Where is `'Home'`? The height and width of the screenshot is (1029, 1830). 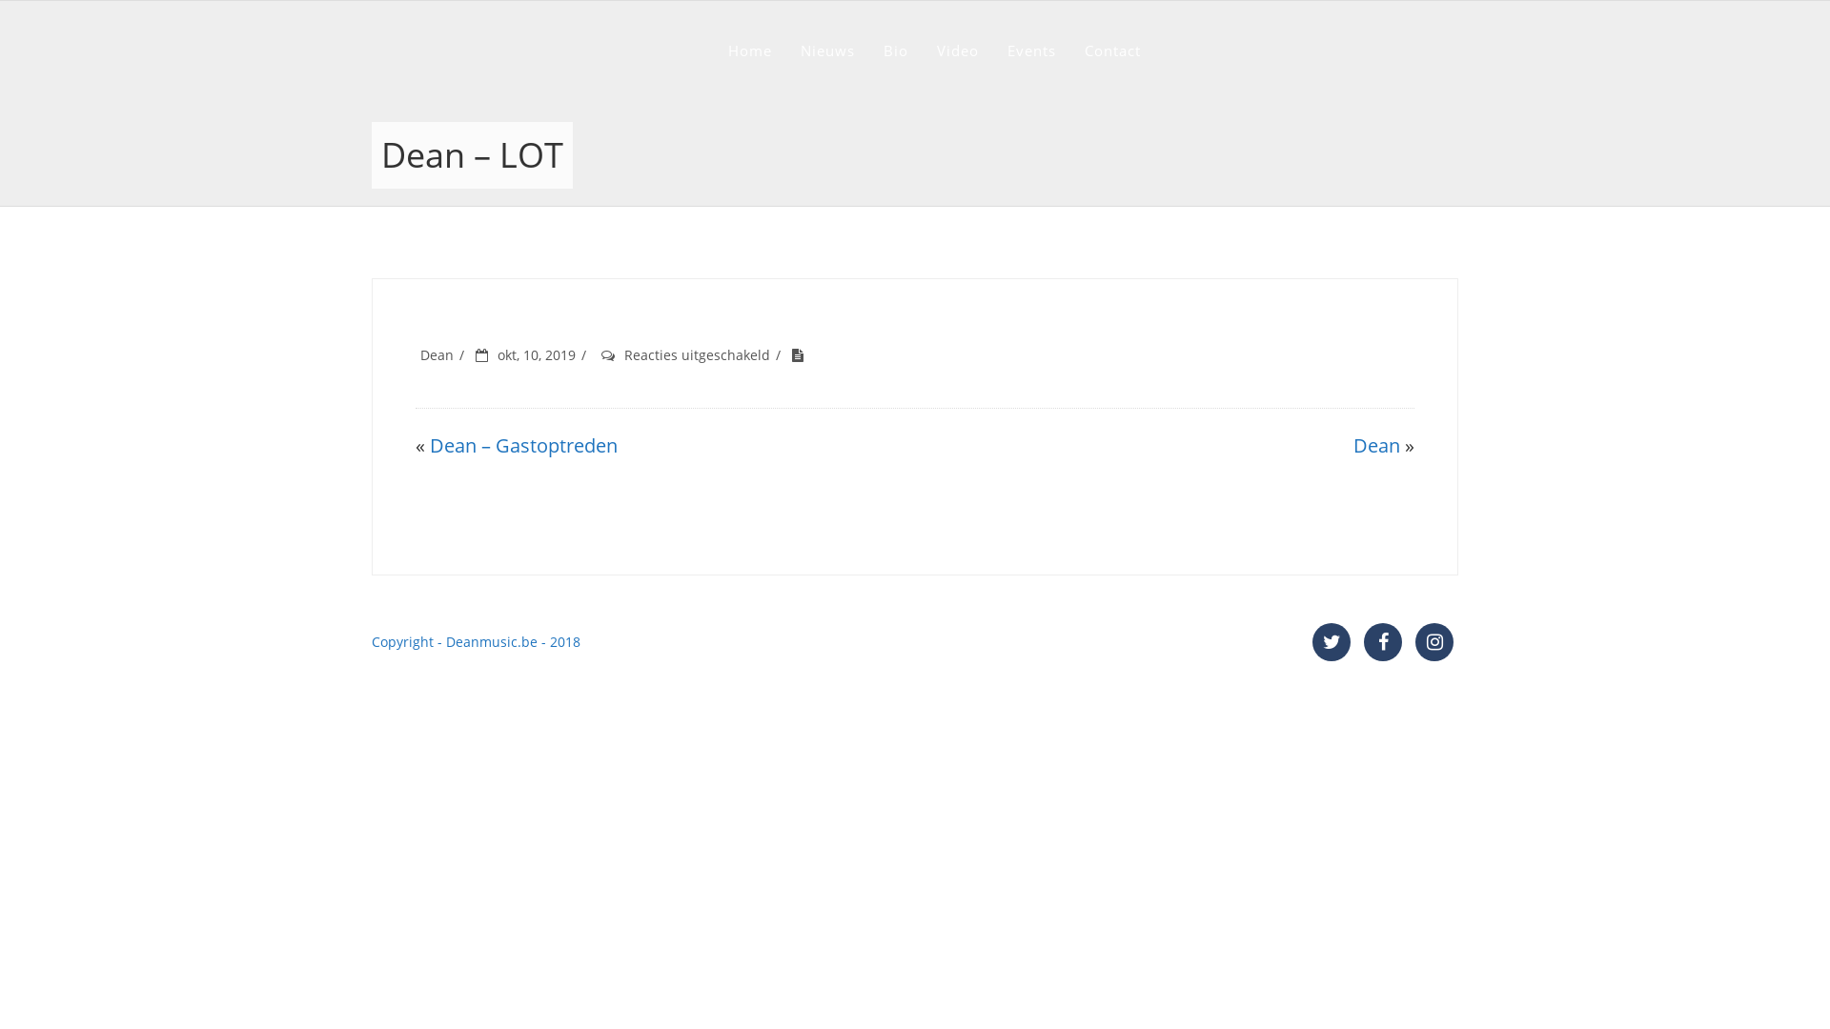
'Home' is located at coordinates (749, 50).